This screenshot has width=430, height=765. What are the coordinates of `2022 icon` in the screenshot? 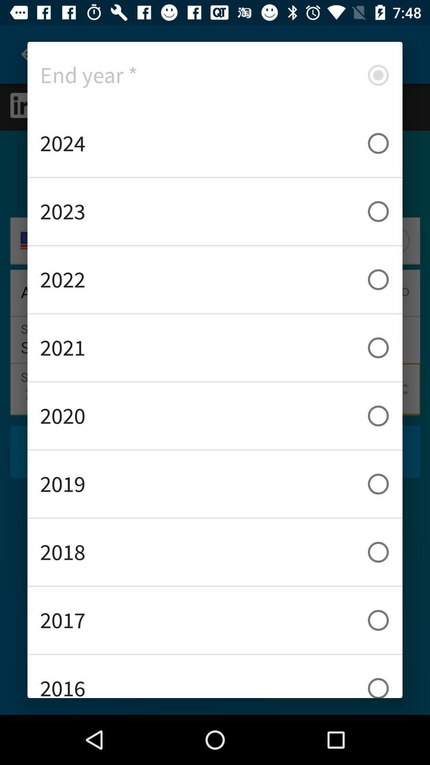 It's located at (215, 279).